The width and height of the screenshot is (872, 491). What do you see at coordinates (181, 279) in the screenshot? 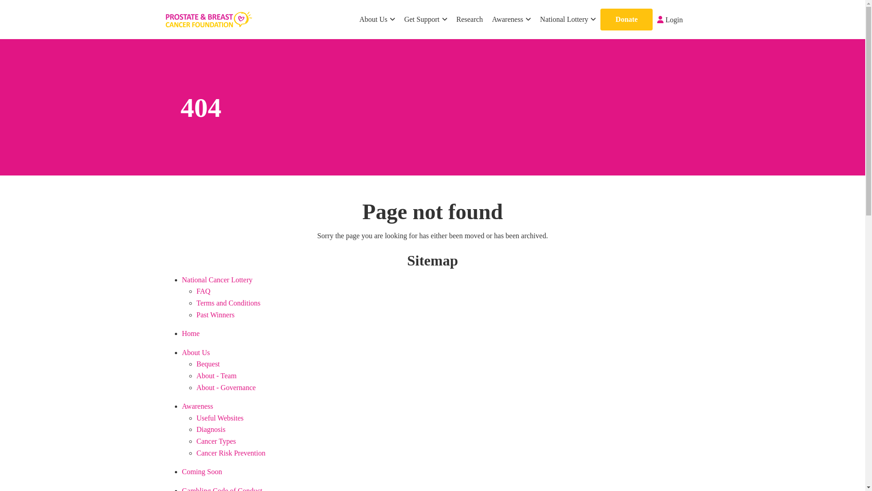
I see `'National Cancer Lottery'` at bounding box center [181, 279].